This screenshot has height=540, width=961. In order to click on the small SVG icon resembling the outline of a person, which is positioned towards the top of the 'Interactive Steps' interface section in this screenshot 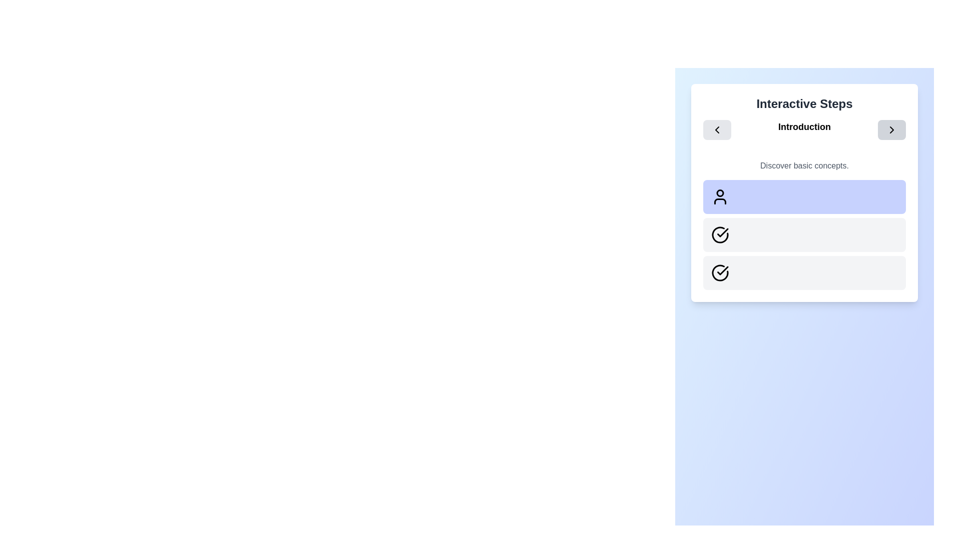, I will do `click(720, 196)`.